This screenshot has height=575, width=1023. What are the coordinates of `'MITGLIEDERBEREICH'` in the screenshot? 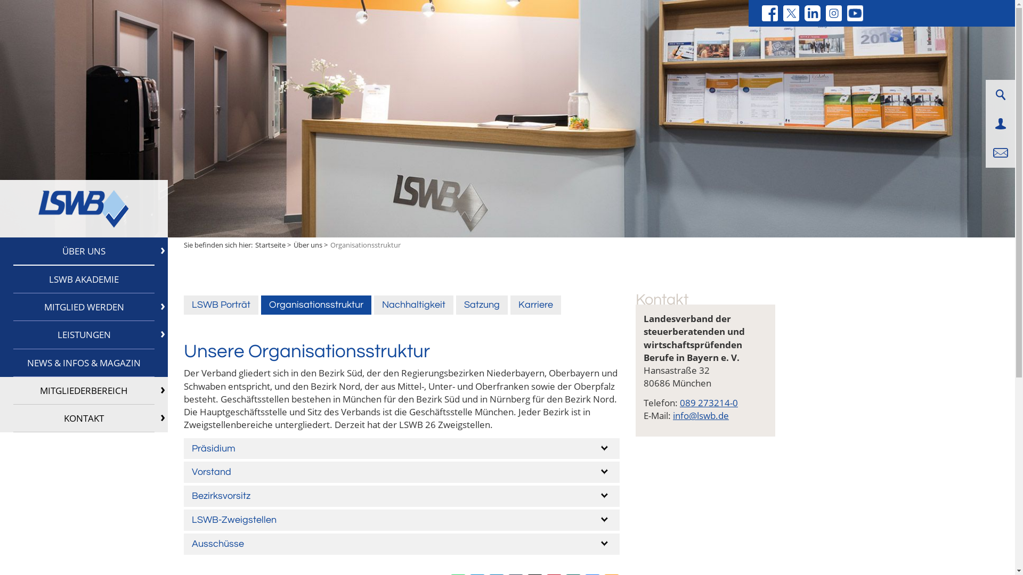 It's located at (83, 390).